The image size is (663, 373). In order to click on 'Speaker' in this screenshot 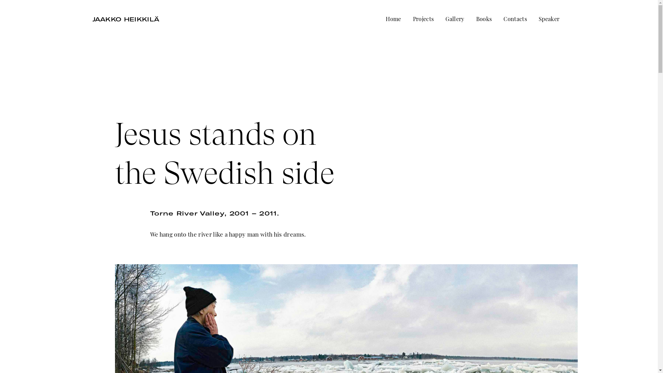, I will do `click(549, 19)`.